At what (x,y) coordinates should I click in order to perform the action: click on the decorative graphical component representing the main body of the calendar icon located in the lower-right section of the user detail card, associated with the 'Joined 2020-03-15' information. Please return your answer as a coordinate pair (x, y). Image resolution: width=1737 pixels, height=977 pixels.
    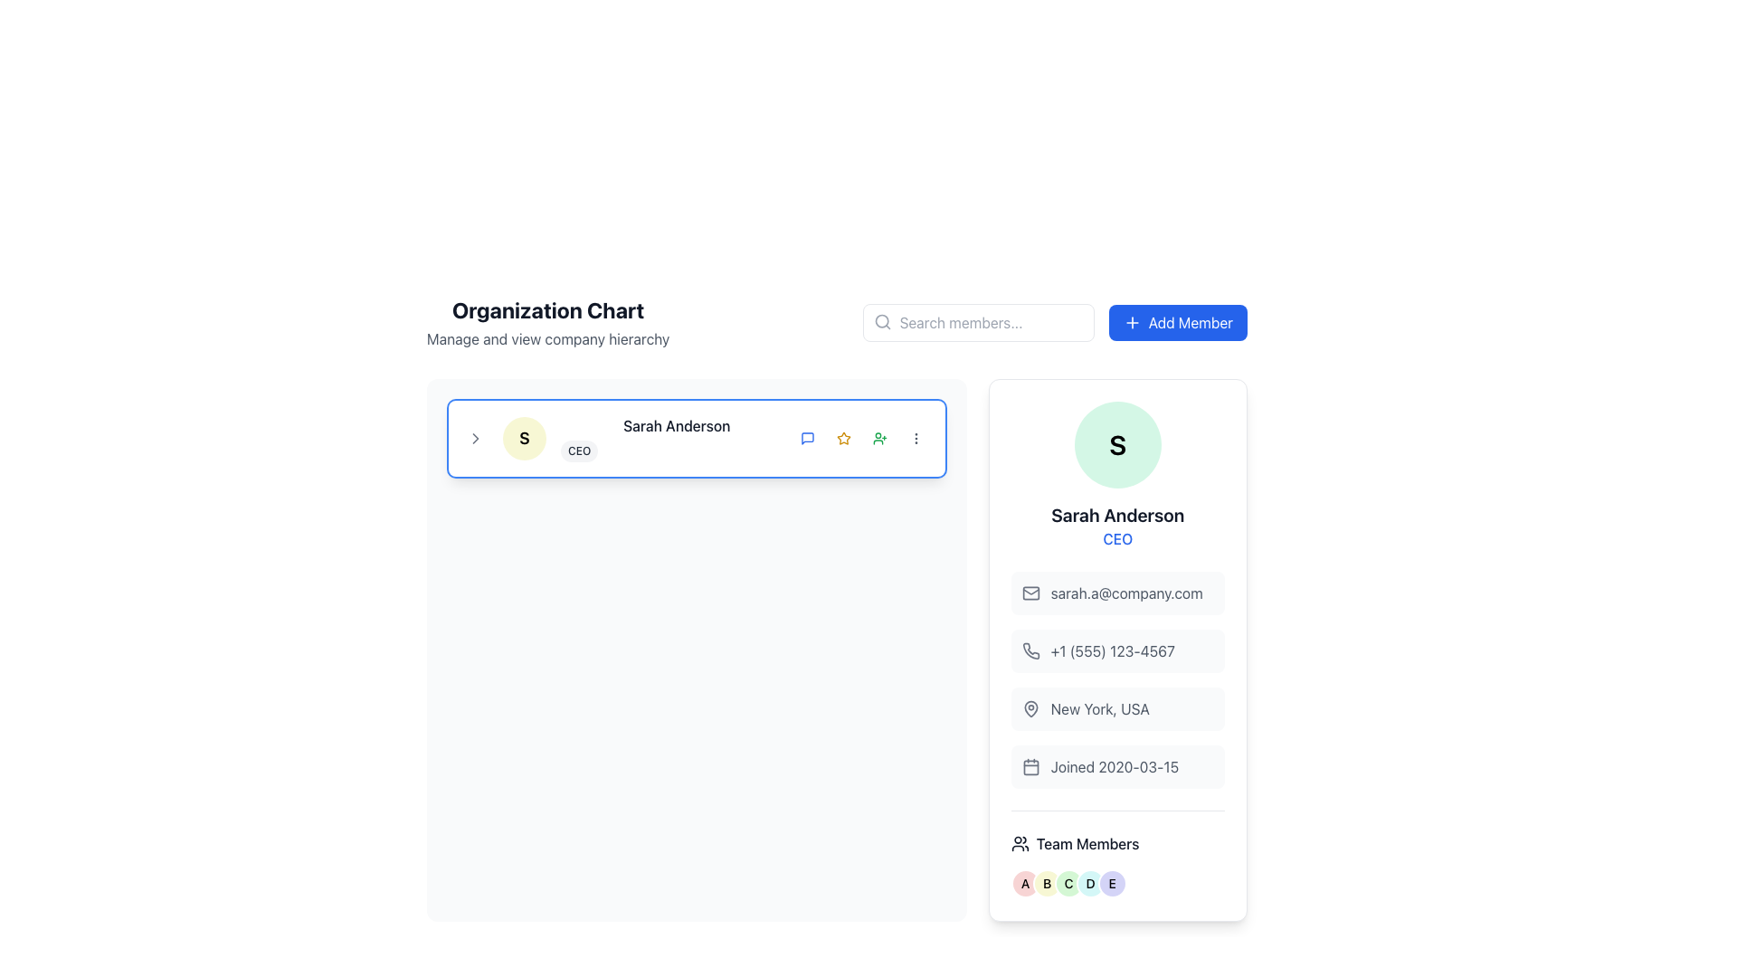
    Looking at the image, I should click on (1030, 767).